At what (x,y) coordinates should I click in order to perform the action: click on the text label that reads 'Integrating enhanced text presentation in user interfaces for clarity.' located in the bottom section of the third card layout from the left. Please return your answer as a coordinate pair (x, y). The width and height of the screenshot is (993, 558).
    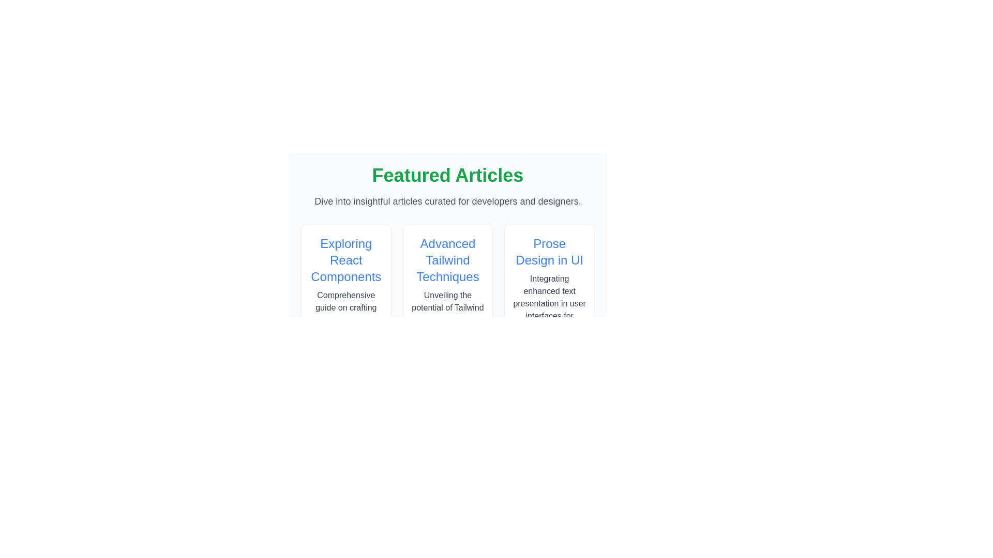
    Looking at the image, I should click on (549, 303).